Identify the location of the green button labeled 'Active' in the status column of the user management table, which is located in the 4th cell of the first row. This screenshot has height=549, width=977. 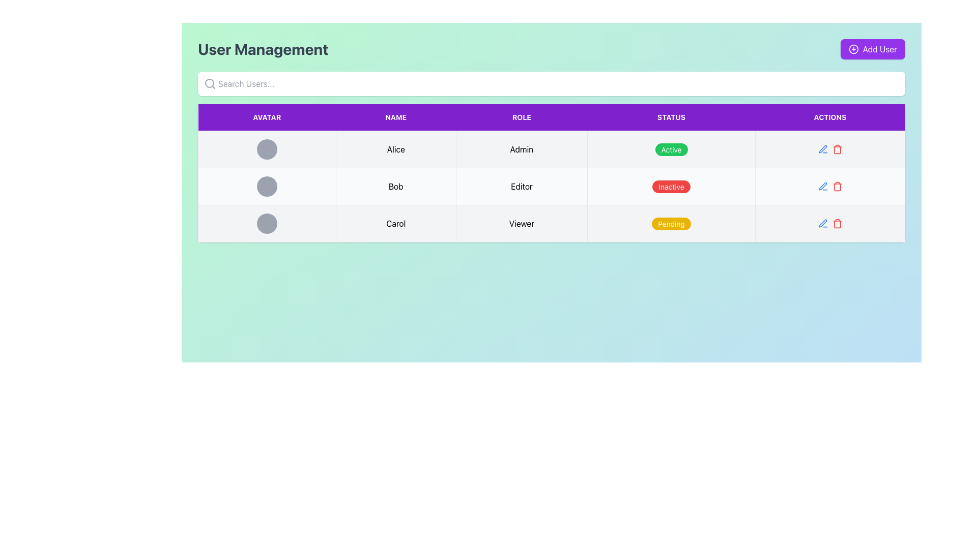
(671, 149).